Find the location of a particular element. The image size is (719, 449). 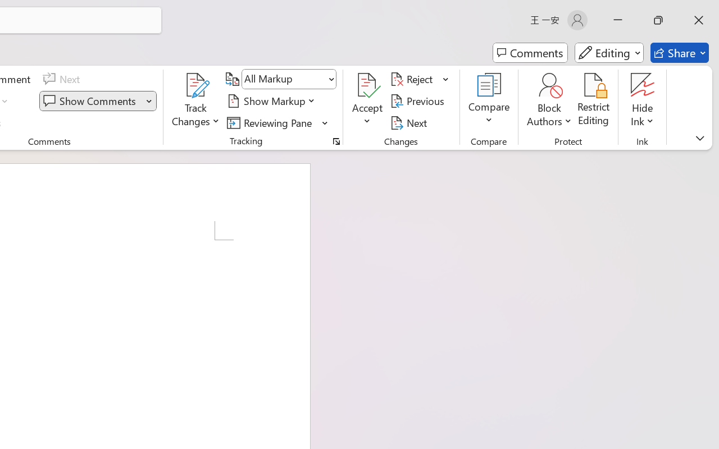

'Reject' is located at coordinates (419, 79).